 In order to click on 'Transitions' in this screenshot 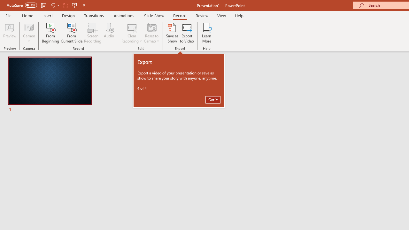, I will do `click(94, 15)`.